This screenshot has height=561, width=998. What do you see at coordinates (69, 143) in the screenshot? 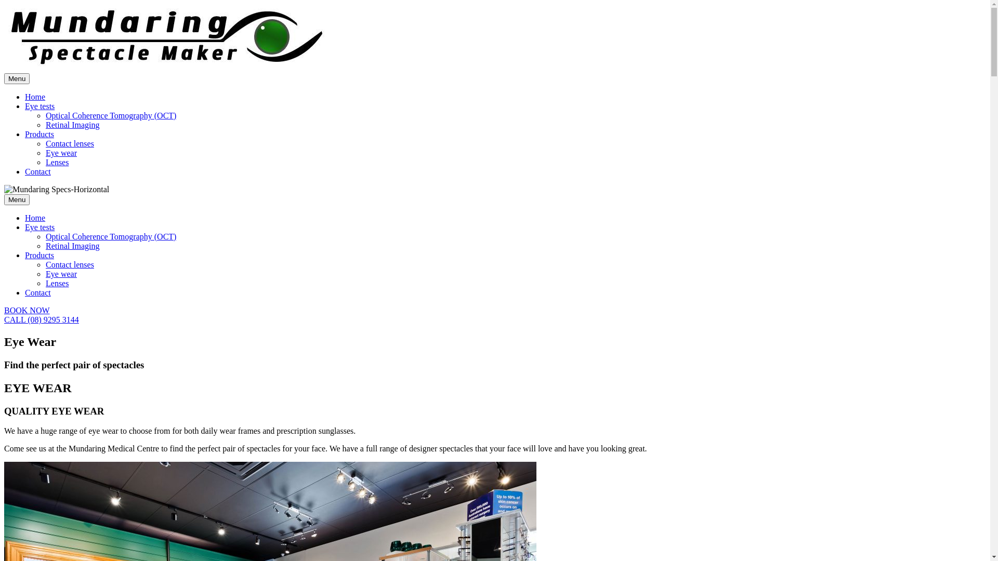
I see `'Contact lenses'` at bounding box center [69, 143].